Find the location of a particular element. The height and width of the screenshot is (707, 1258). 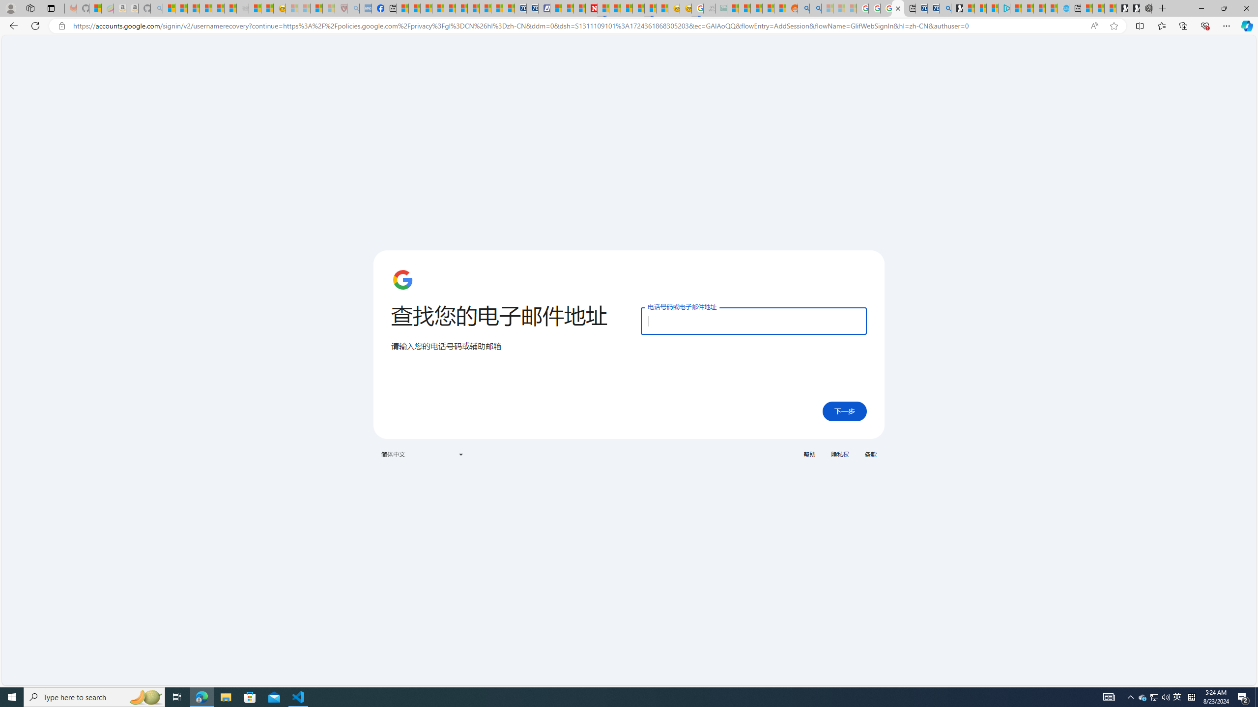

'Microsoft Start Gaming' is located at coordinates (957, 8).